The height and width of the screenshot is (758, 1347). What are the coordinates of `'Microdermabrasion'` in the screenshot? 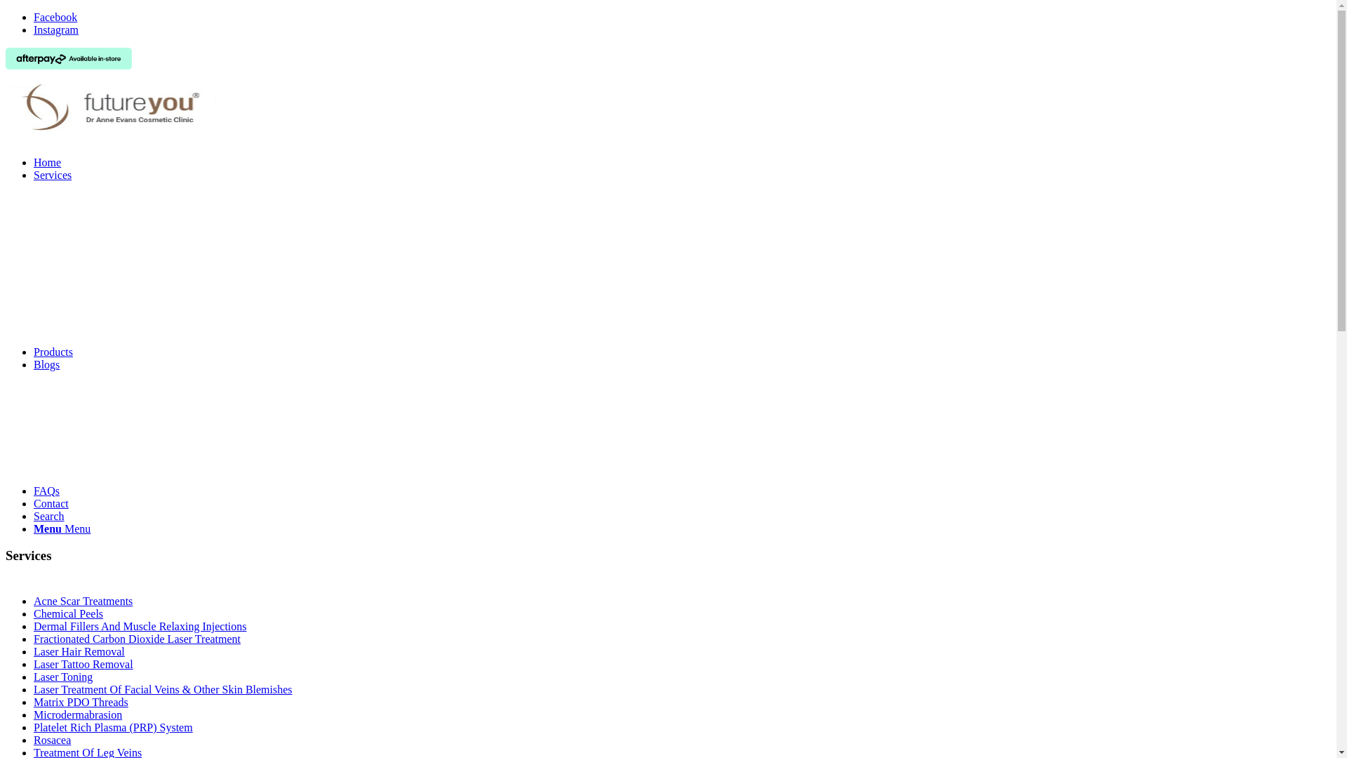 It's located at (76, 714).